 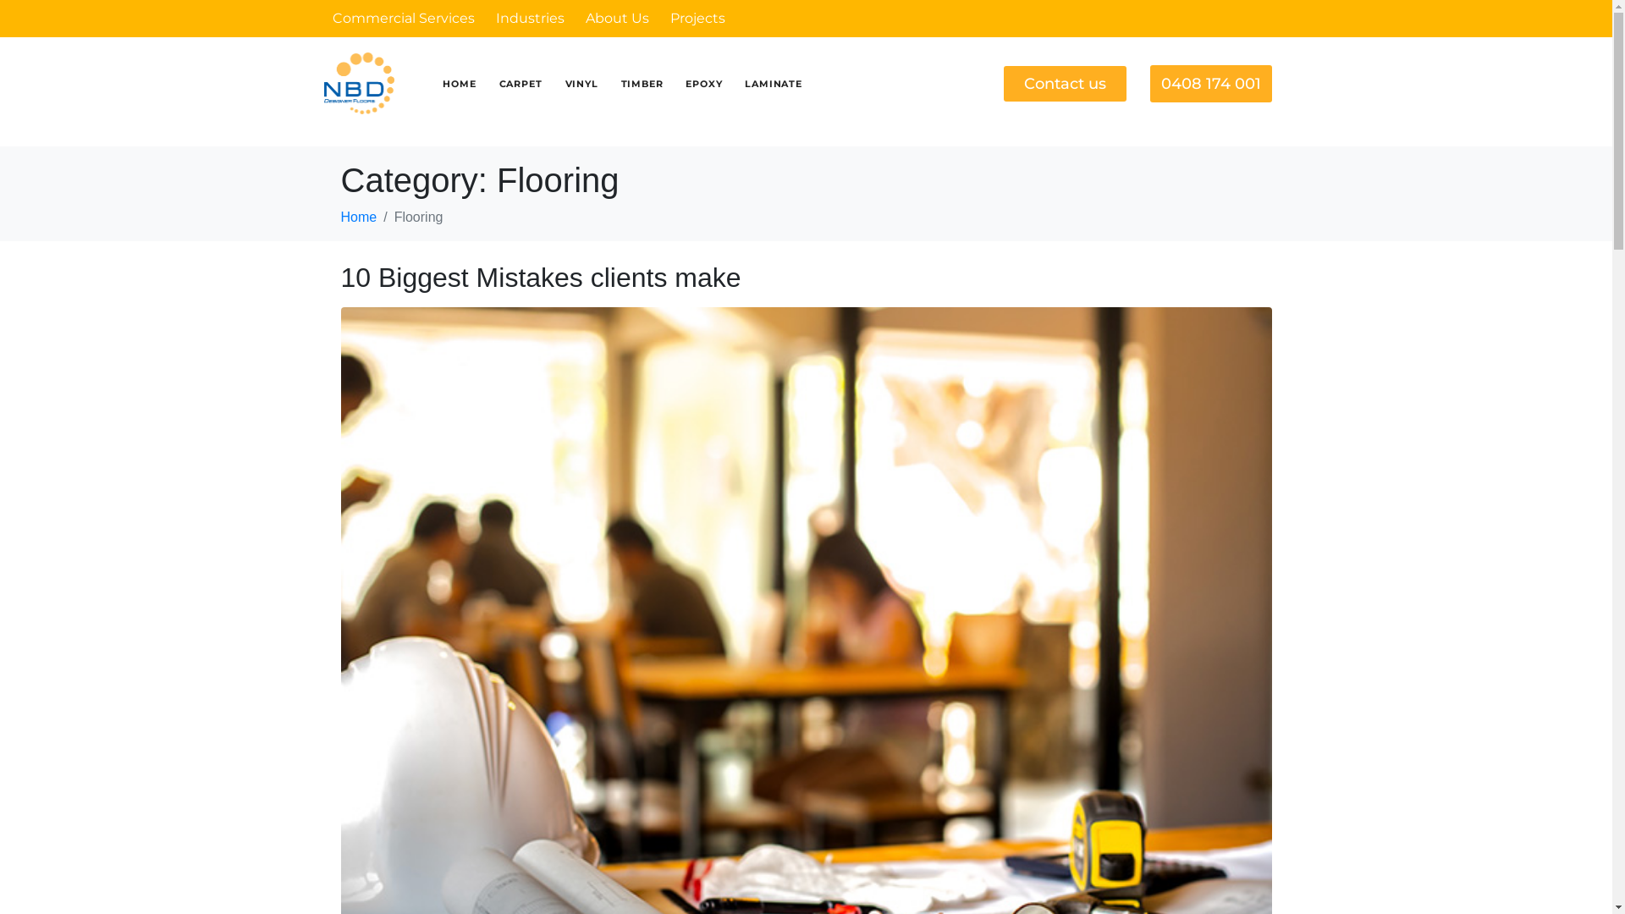 What do you see at coordinates (581, 84) in the screenshot?
I see `'VINYL'` at bounding box center [581, 84].